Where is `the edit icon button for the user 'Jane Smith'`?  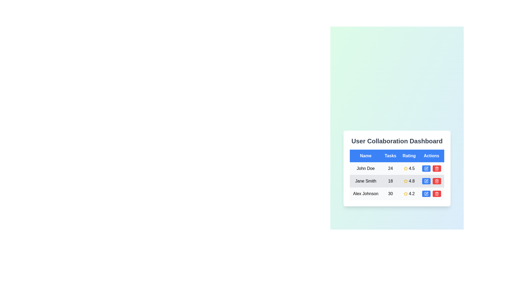
the edit icon button for the user 'Jane Smith' is located at coordinates (426, 181).